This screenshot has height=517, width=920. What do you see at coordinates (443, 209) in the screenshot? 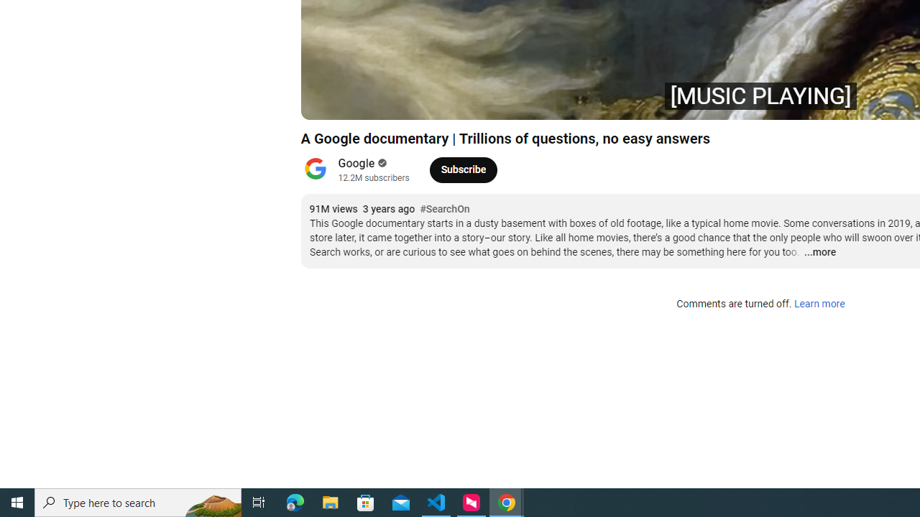
I see `'#SearchOn'` at bounding box center [443, 209].